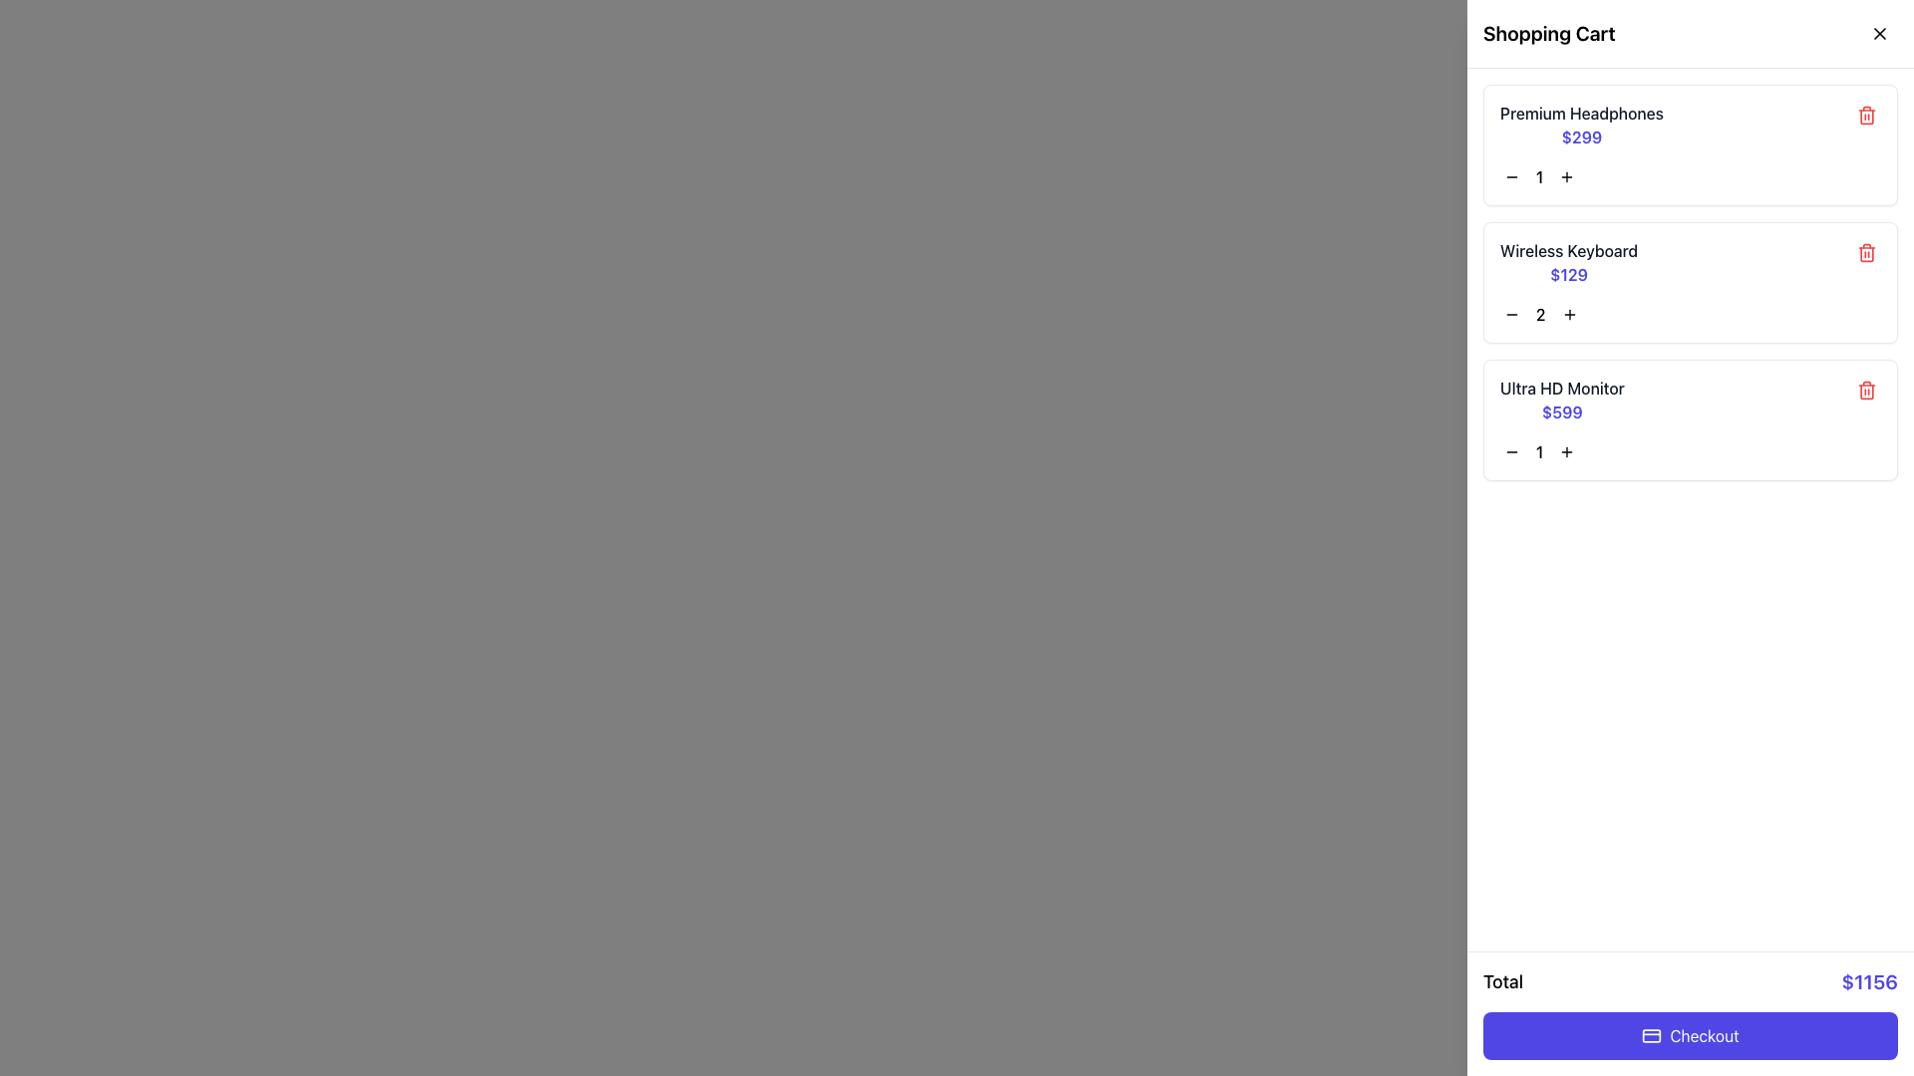 The width and height of the screenshot is (1914, 1076). What do you see at coordinates (1879, 34) in the screenshot?
I see `the button located at the top right corner of the shopping cart panel` at bounding box center [1879, 34].